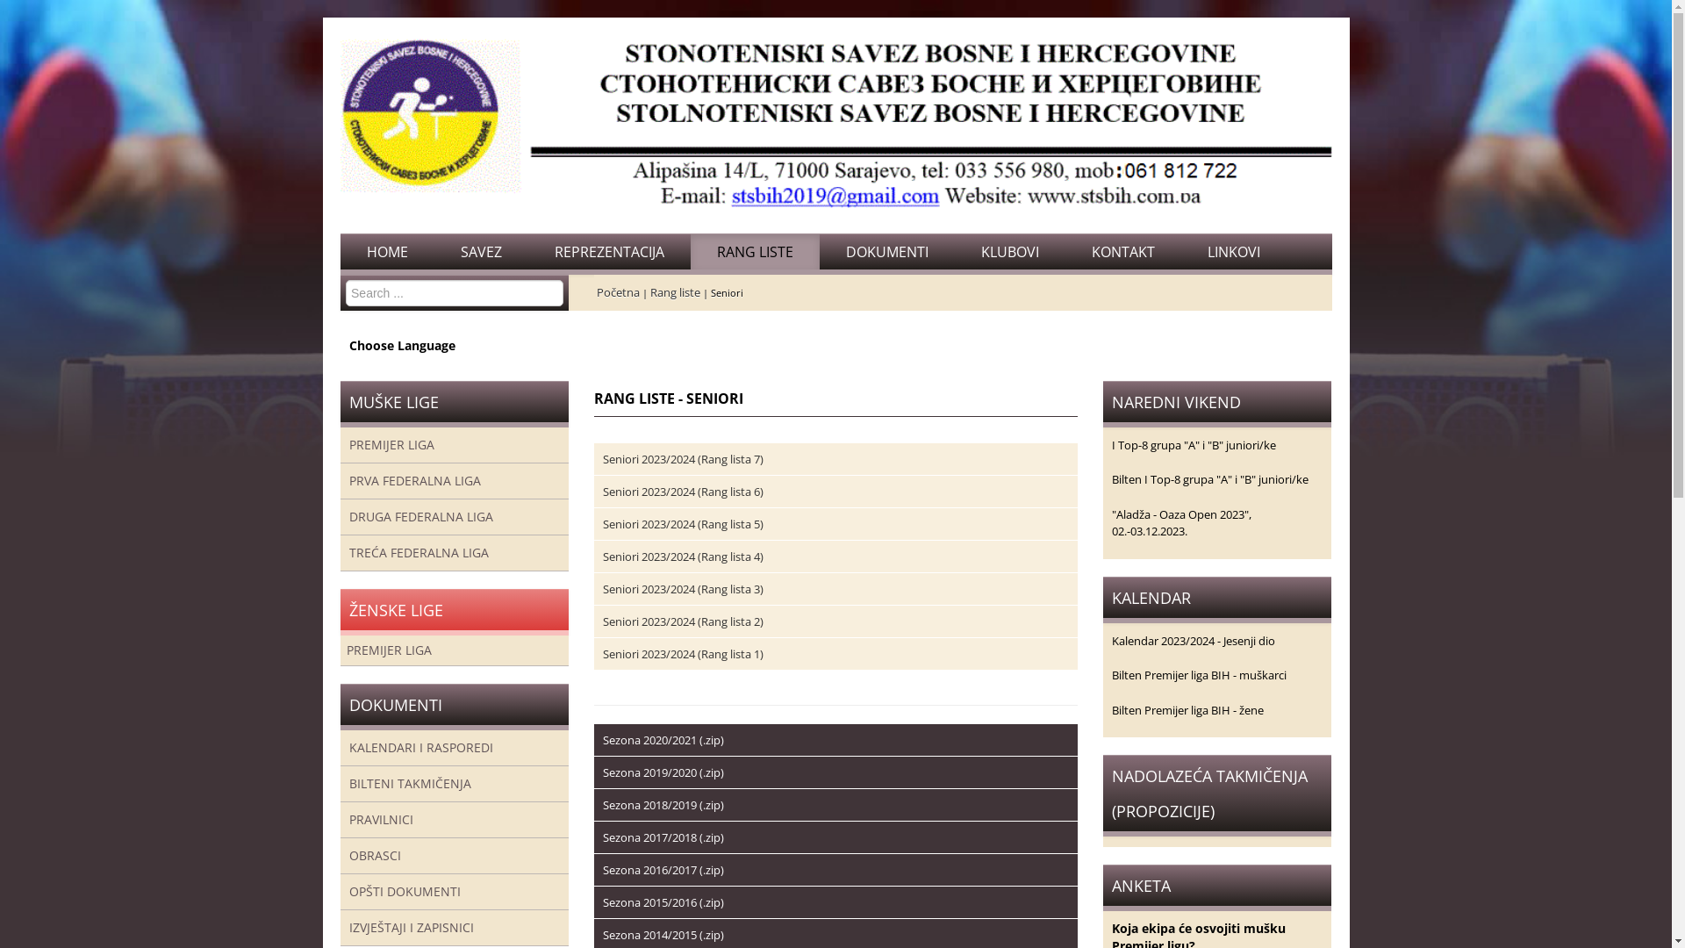 The width and height of the screenshot is (1685, 948). I want to click on 'REPREZENTACIJA', so click(527, 251).